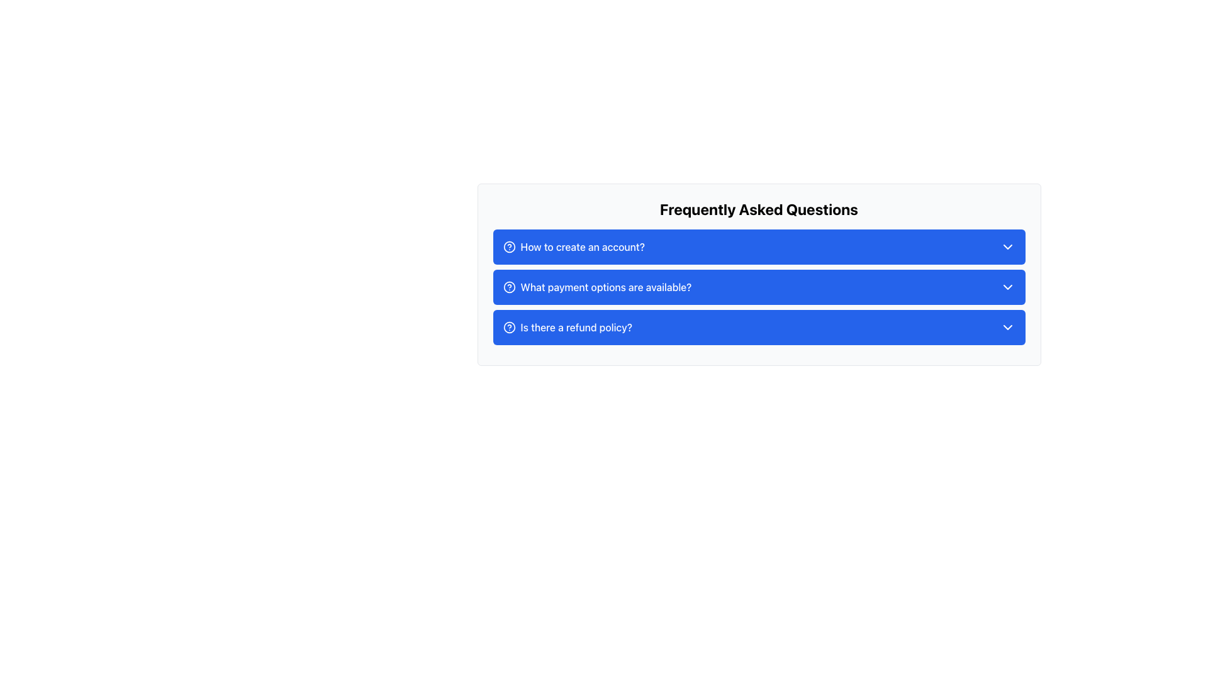 Image resolution: width=1208 pixels, height=679 pixels. I want to click on the third Accordion item with the question 'Is there a refund policy?' in the FAQ section, so click(758, 331).